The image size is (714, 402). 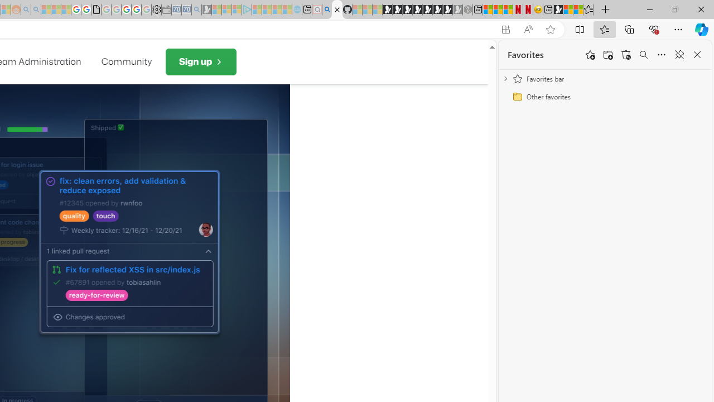 I want to click on 'Copilot (Ctrl+Shift+.)', so click(x=701, y=28).